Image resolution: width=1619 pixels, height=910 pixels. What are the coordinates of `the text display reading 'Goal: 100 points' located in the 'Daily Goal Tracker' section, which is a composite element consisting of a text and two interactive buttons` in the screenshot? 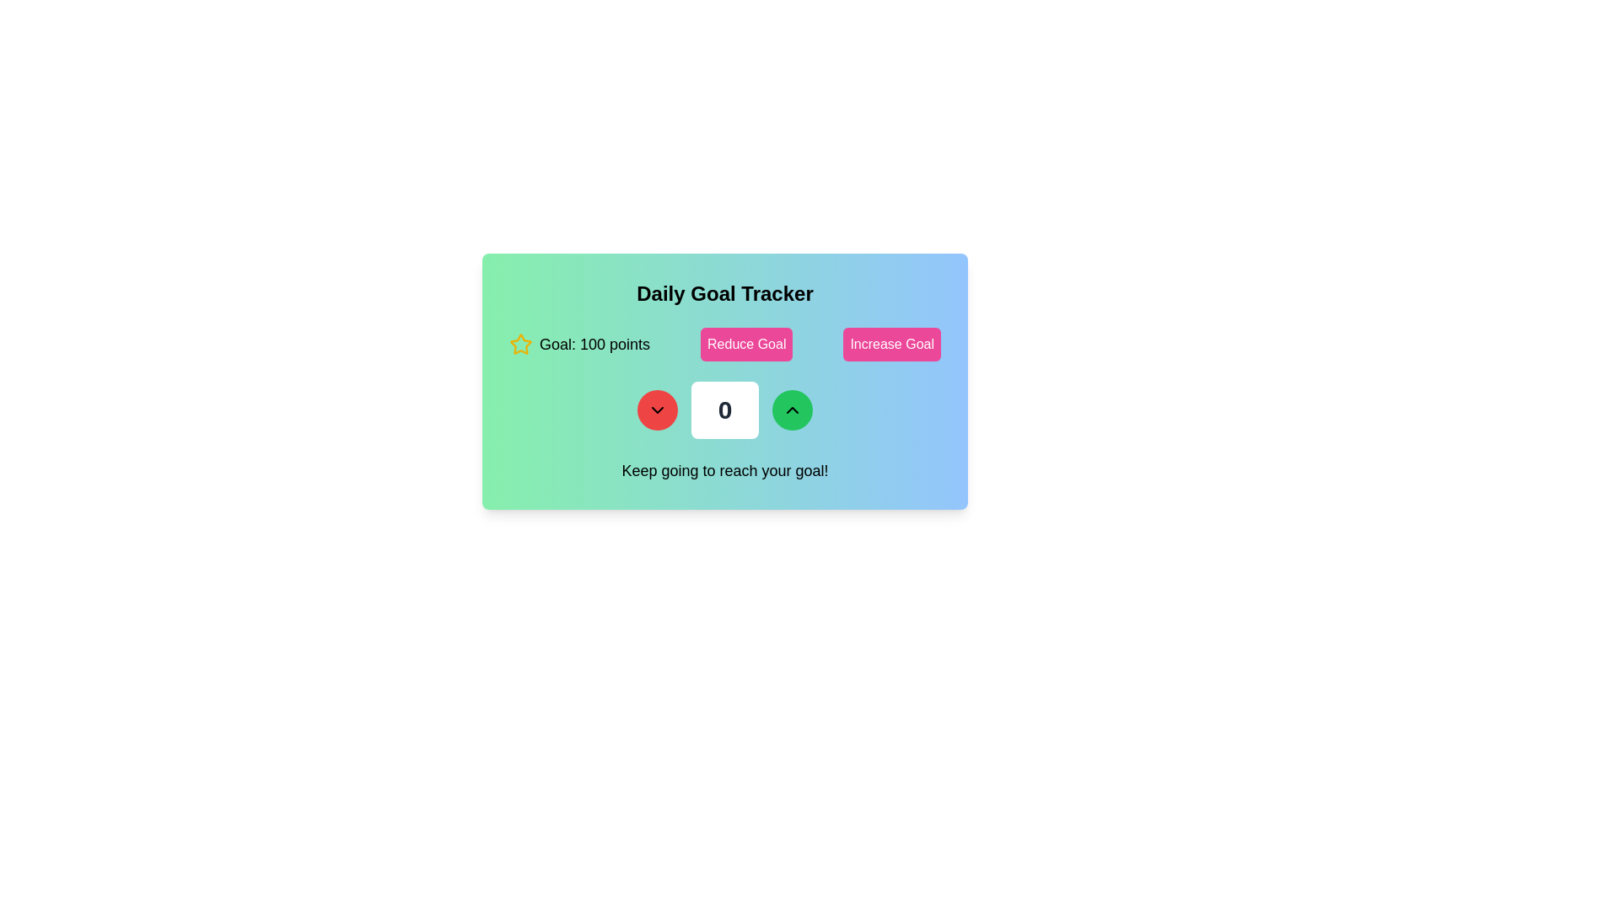 It's located at (724, 343).